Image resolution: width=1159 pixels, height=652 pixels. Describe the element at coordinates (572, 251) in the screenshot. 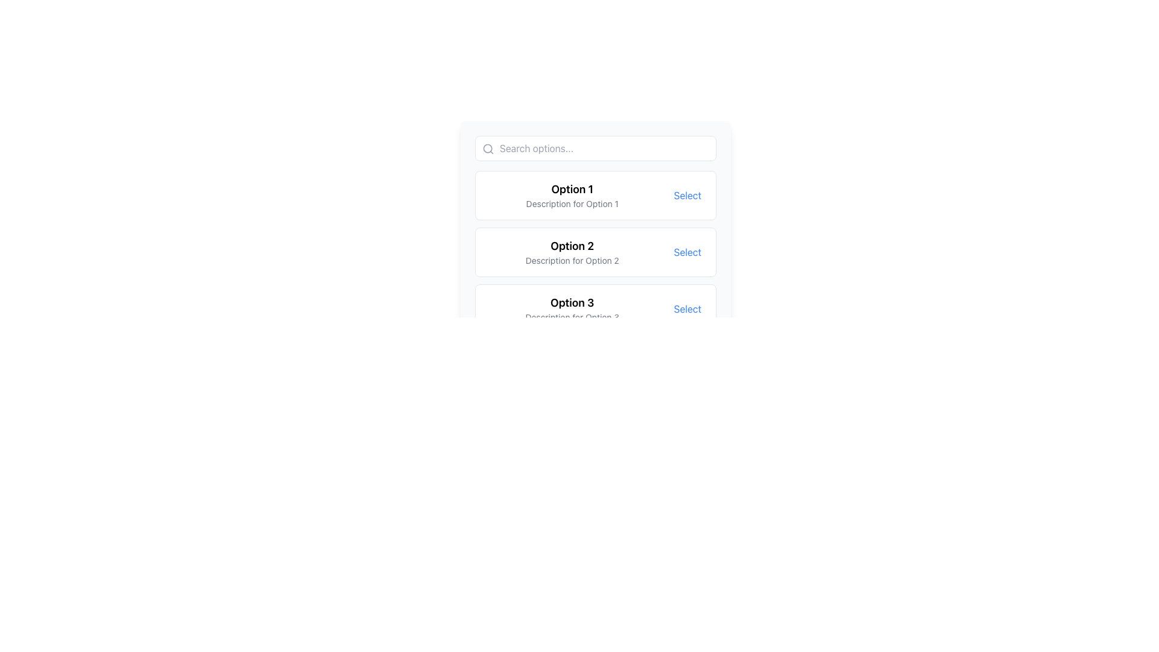

I see `the List item labeled 'Option 2' which contains the description 'Description for Option 2'` at that location.